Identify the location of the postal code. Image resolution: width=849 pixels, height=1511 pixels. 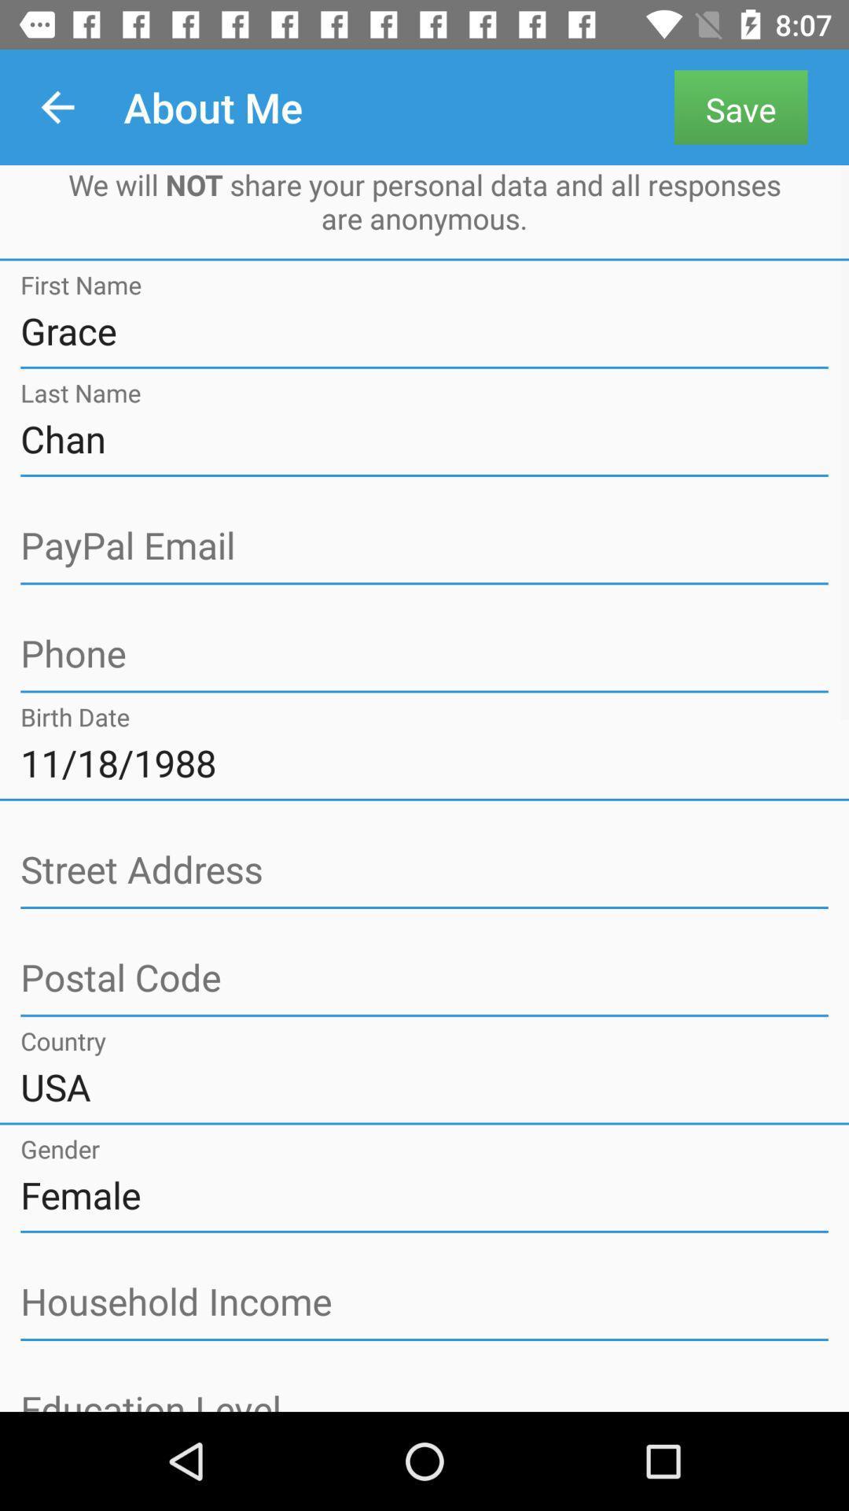
(424, 977).